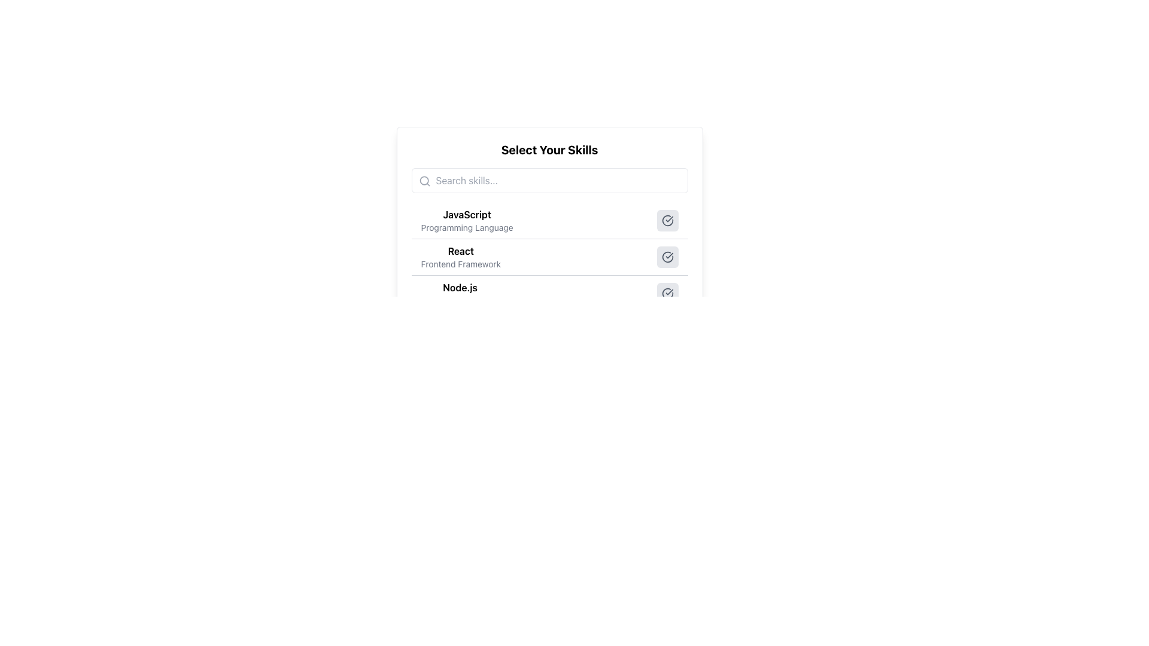  I want to click on the circular button with a checkmark icon located to the far right of the 'JavaScript' item in the 'Select Your Skills' list, so click(667, 221).